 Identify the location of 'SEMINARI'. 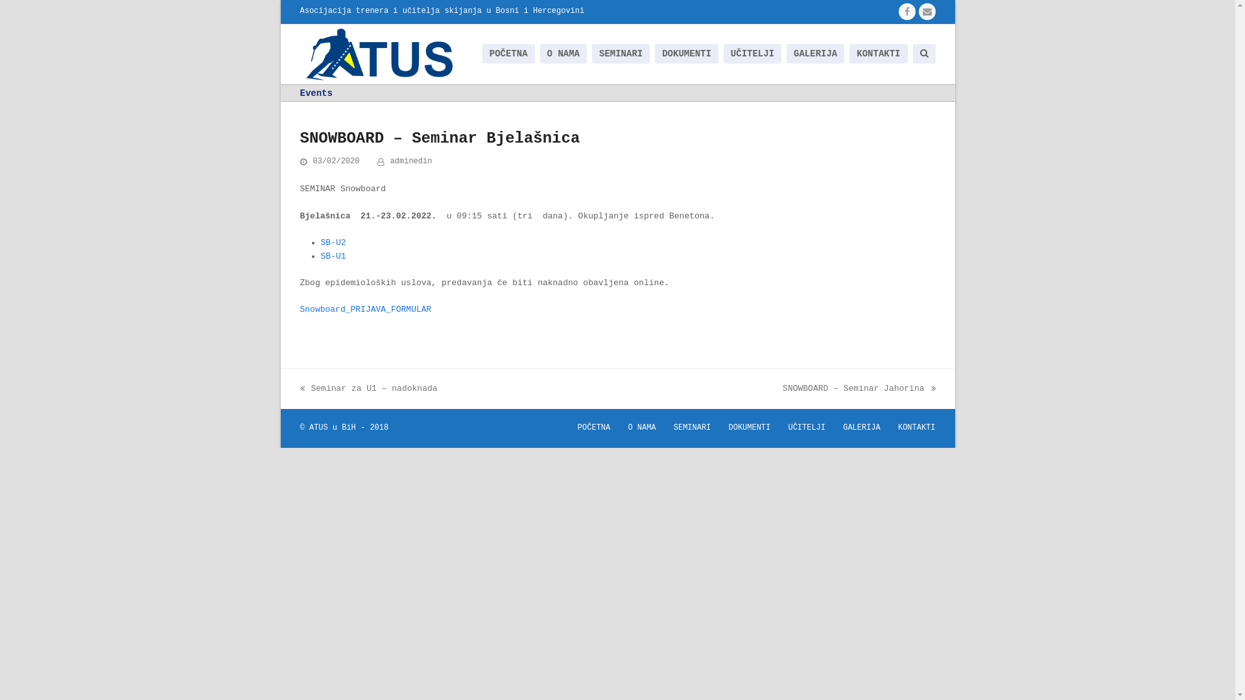
(692, 427).